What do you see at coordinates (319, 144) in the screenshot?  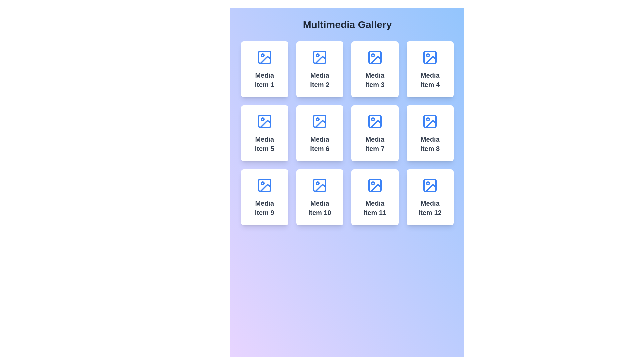 I see `text label in the third row and second column of the grid layout, which serves as the title for the associated media item` at bounding box center [319, 144].